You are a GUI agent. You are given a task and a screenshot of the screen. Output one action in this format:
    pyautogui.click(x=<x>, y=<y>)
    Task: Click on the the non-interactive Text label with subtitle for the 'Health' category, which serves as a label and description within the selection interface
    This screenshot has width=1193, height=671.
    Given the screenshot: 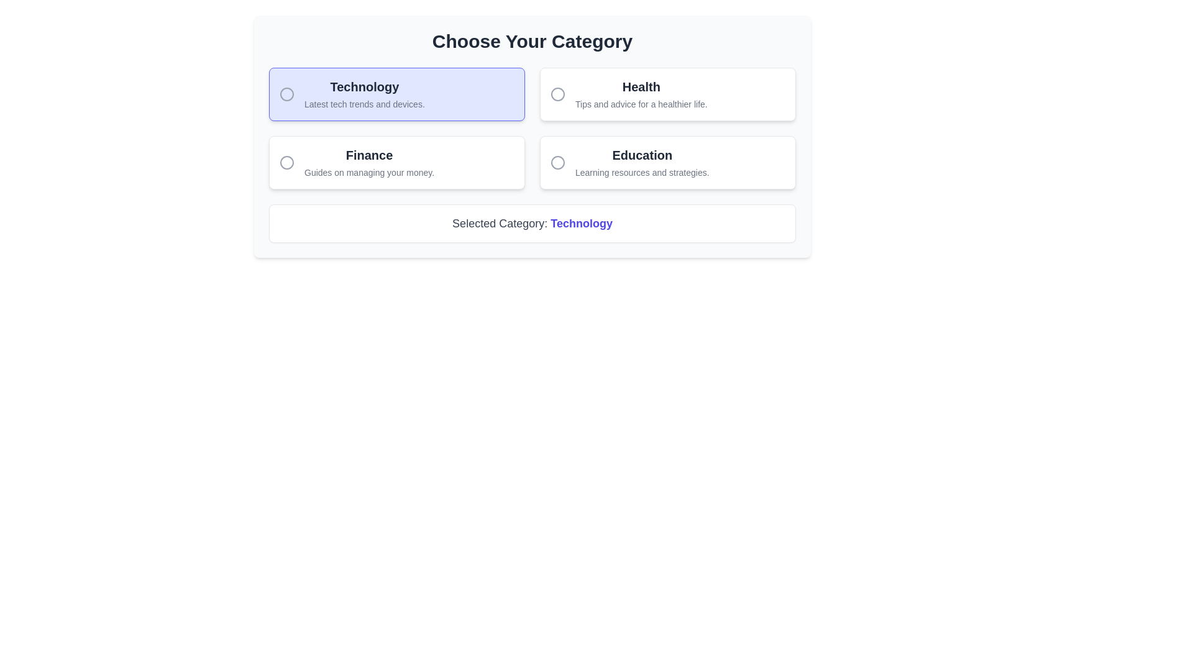 What is the action you would take?
    pyautogui.click(x=641, y=93)
    